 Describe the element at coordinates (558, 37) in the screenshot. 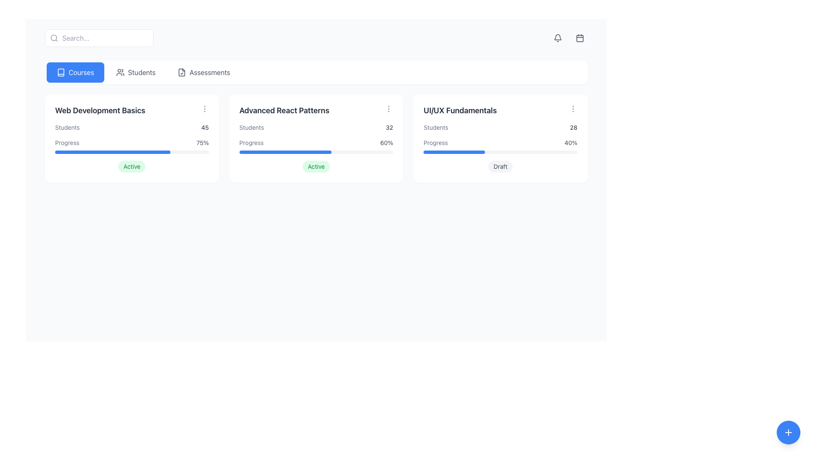

I see `the bell-shaped notification icon located in the top-right corner of the interface` at that location.